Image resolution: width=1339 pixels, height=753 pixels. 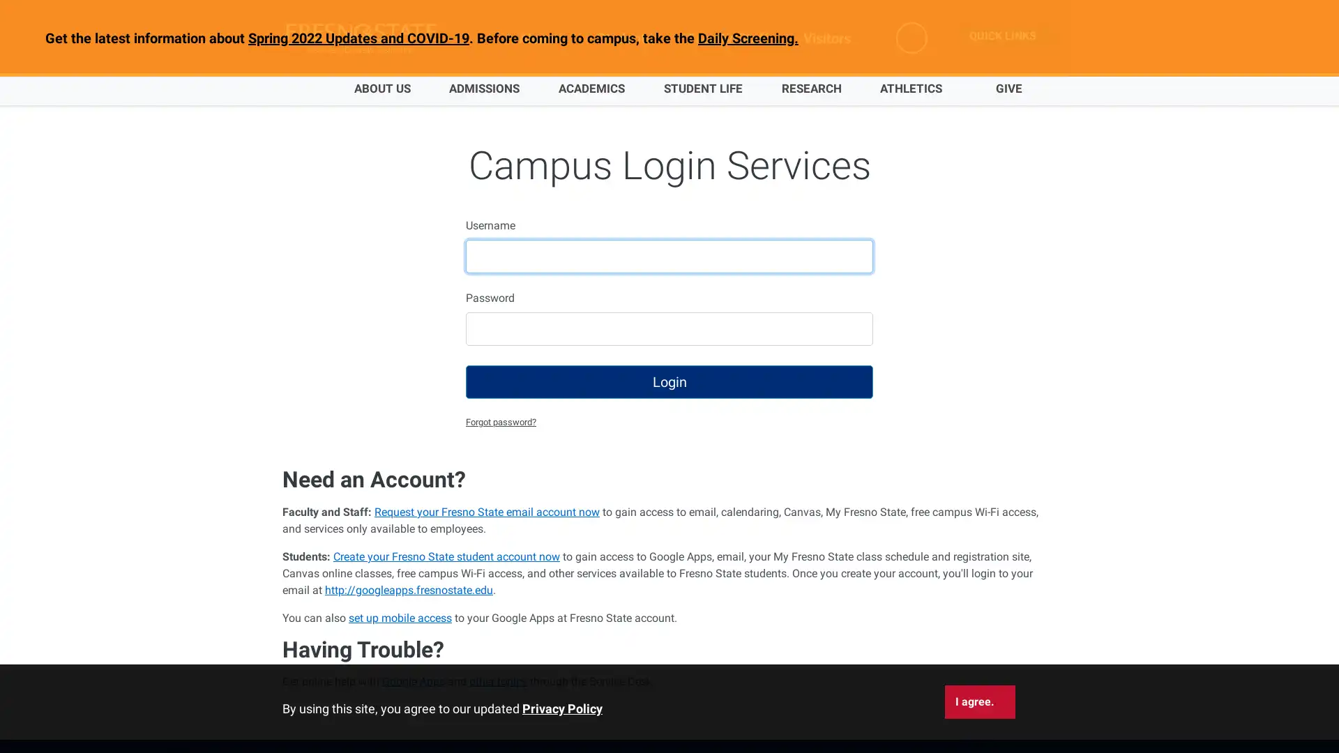 I want to click on QUICK LINKS, so click(x=1008, y=35).